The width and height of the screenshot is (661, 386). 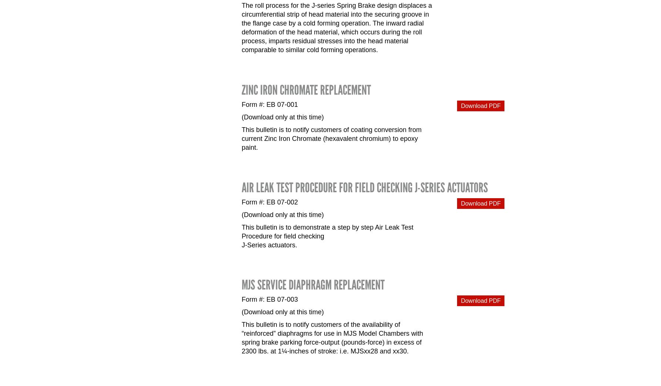 What do you see at coordinates (336, 27) in the screenshot?
I see `'The roll process for the J-series Spring Brake design displaces a circumferential strip of head material into the securing groove in the flange case by a cold forming operation. The inward radial deformation of the head material, which occurs during the roll process, imparts residual stresses into the head material comparable to similar cold forming operations.'` at bounding box center [336, 27].